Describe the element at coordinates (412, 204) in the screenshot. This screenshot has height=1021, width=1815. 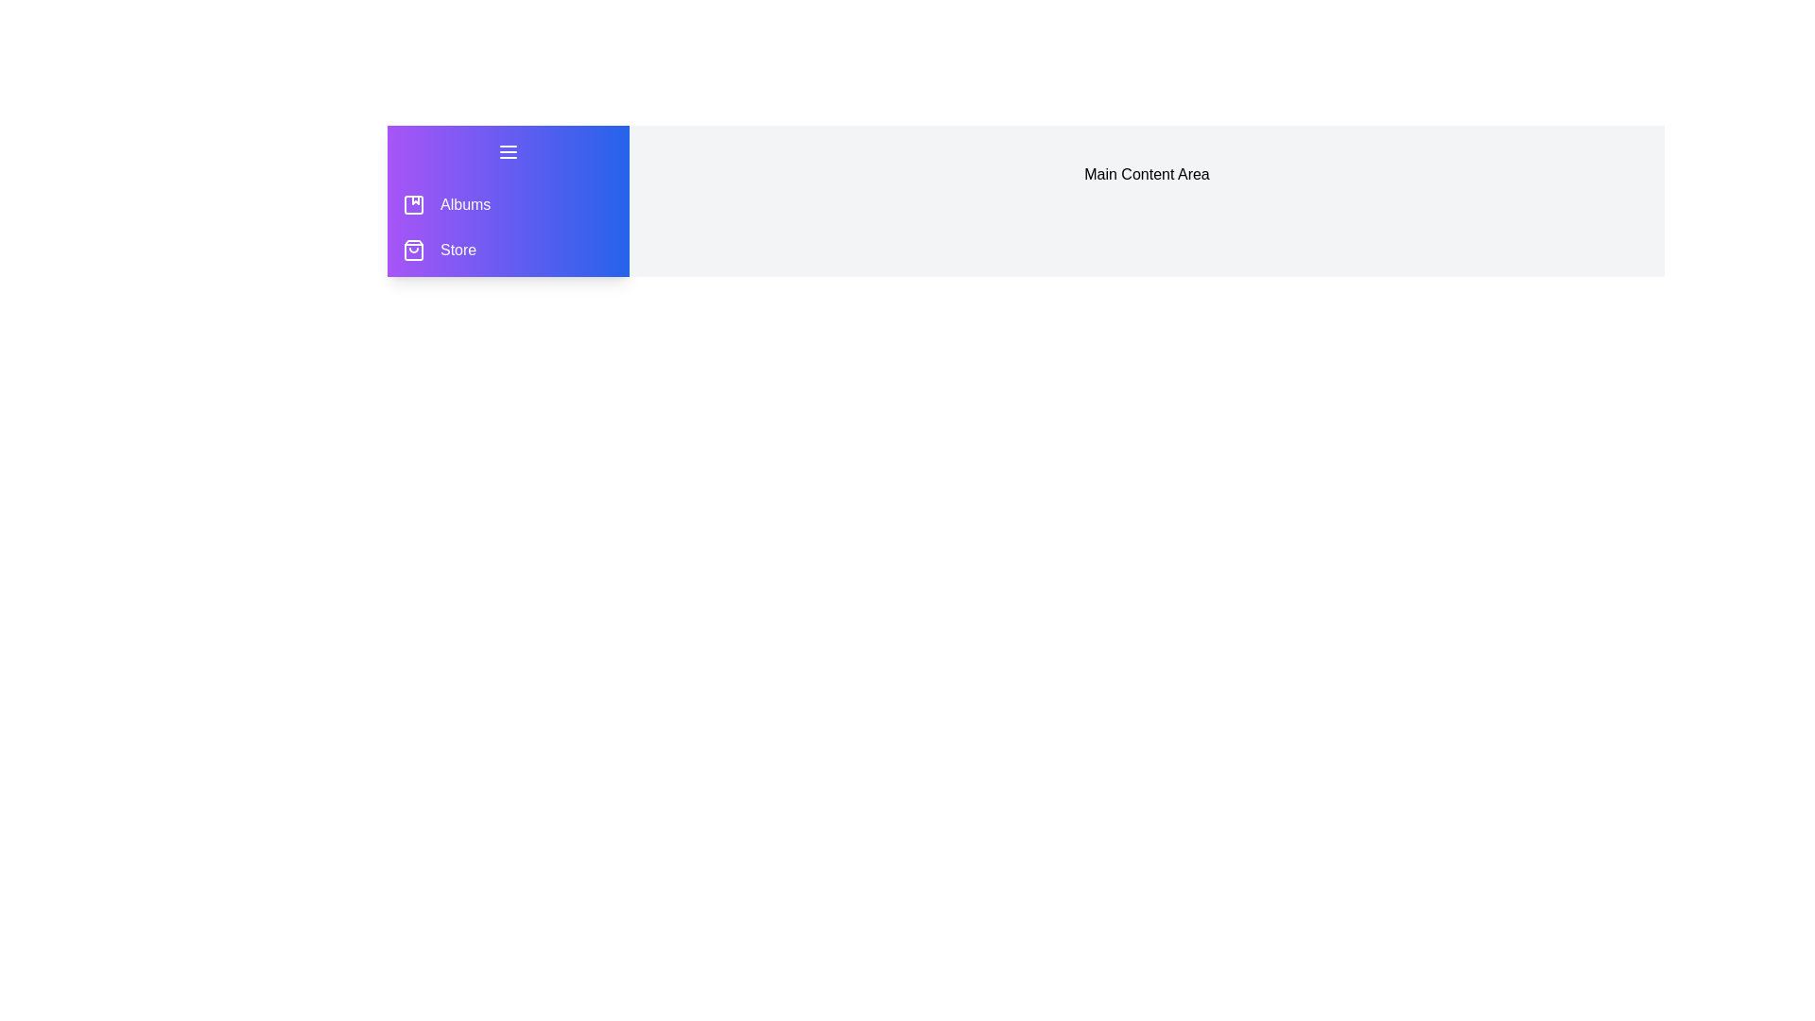
I see `the 'Albums' item in the drawer` at that location.